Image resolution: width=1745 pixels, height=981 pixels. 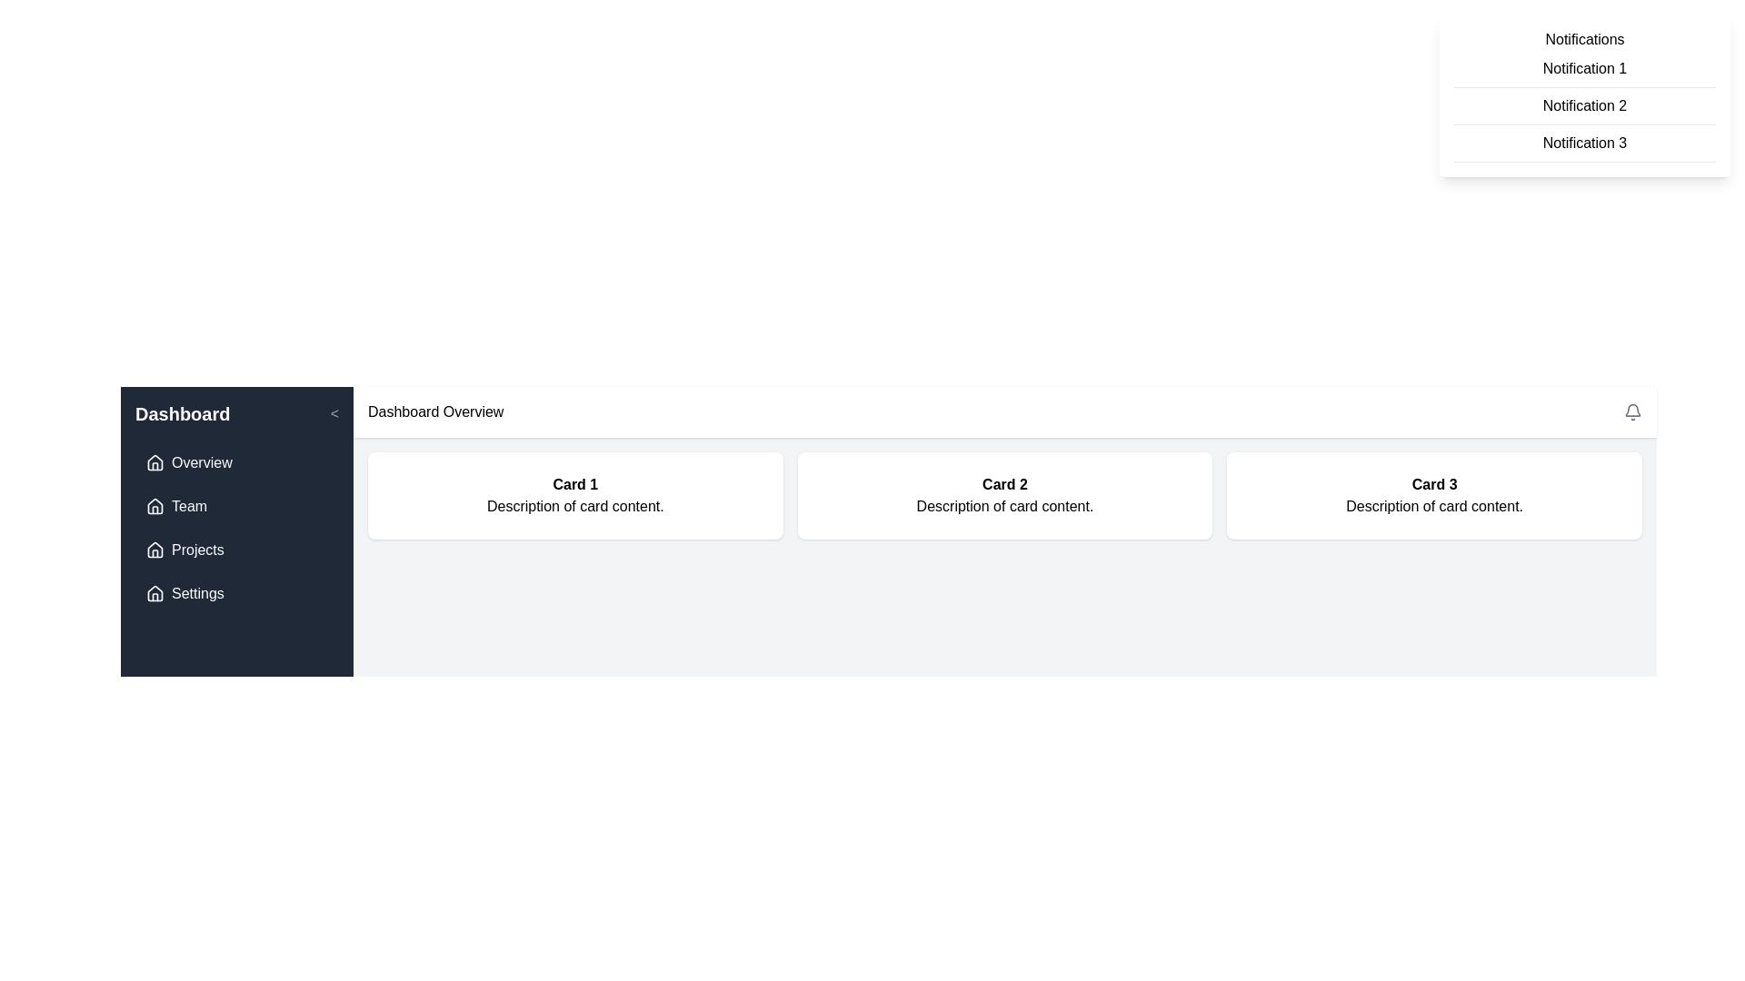 What do you see at coordinates (334, 413) in the screenshot?
I see `the left-facing gray arrow button located to the right of the 'Dashboard' text` at bounding box center [334, 413].